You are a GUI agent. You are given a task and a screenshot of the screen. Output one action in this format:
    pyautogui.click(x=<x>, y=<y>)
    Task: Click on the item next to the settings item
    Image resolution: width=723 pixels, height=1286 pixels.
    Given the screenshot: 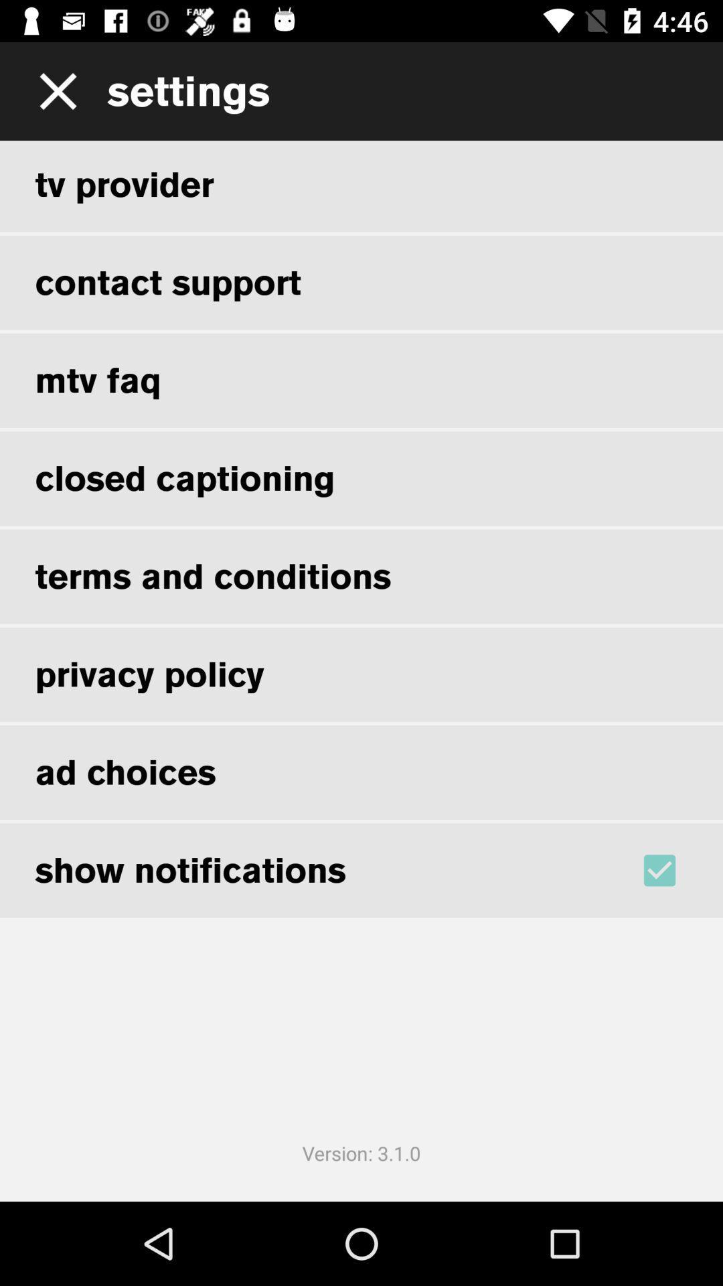 What is the action you would take?
    pyautogui.click(x=53, y=90)
    